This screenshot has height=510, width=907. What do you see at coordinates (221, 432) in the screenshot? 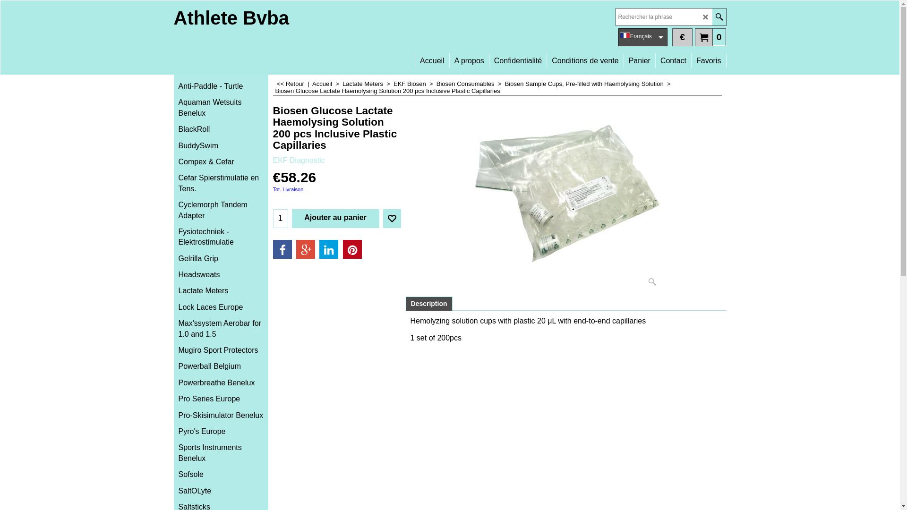
I see `'Pyro's Europe'` at bounding box center [221, 432].